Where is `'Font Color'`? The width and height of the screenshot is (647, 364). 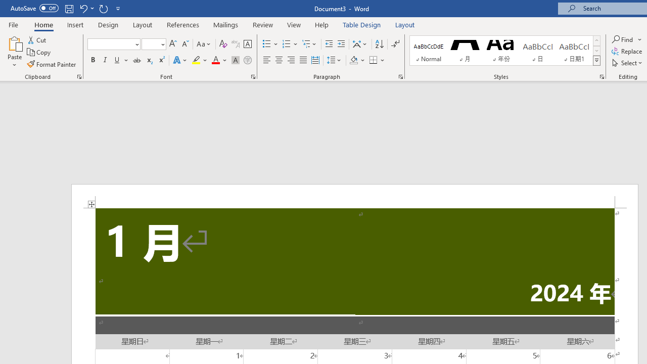 'Font Color' is located at coordinates (219, 60).